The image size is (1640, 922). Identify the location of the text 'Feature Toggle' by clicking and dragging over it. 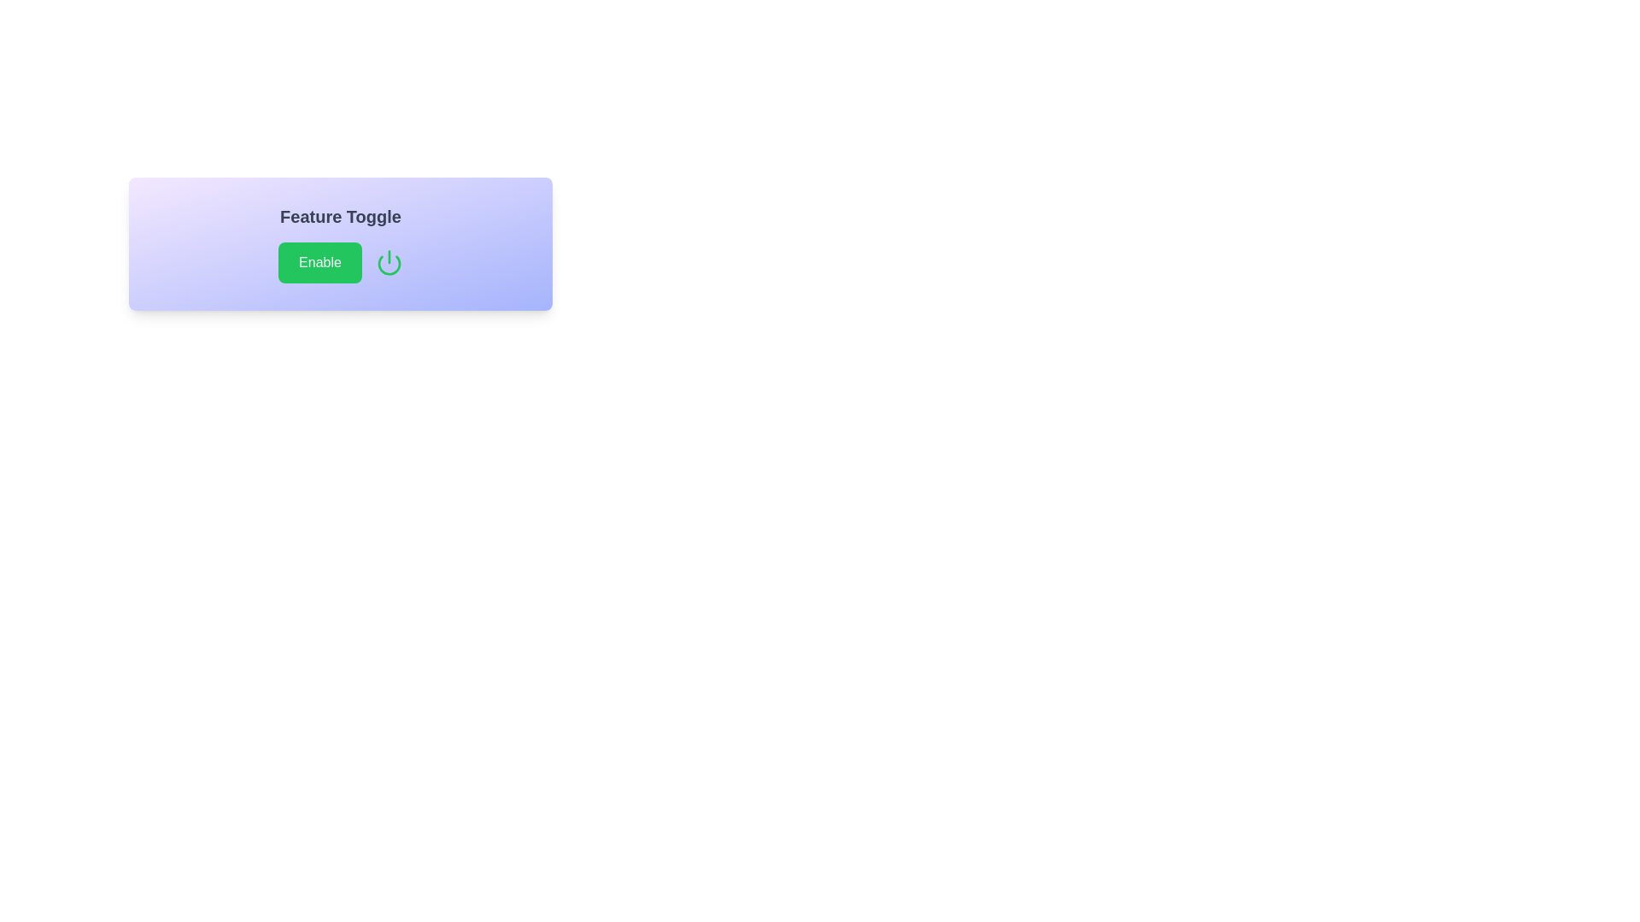
(279, 203).